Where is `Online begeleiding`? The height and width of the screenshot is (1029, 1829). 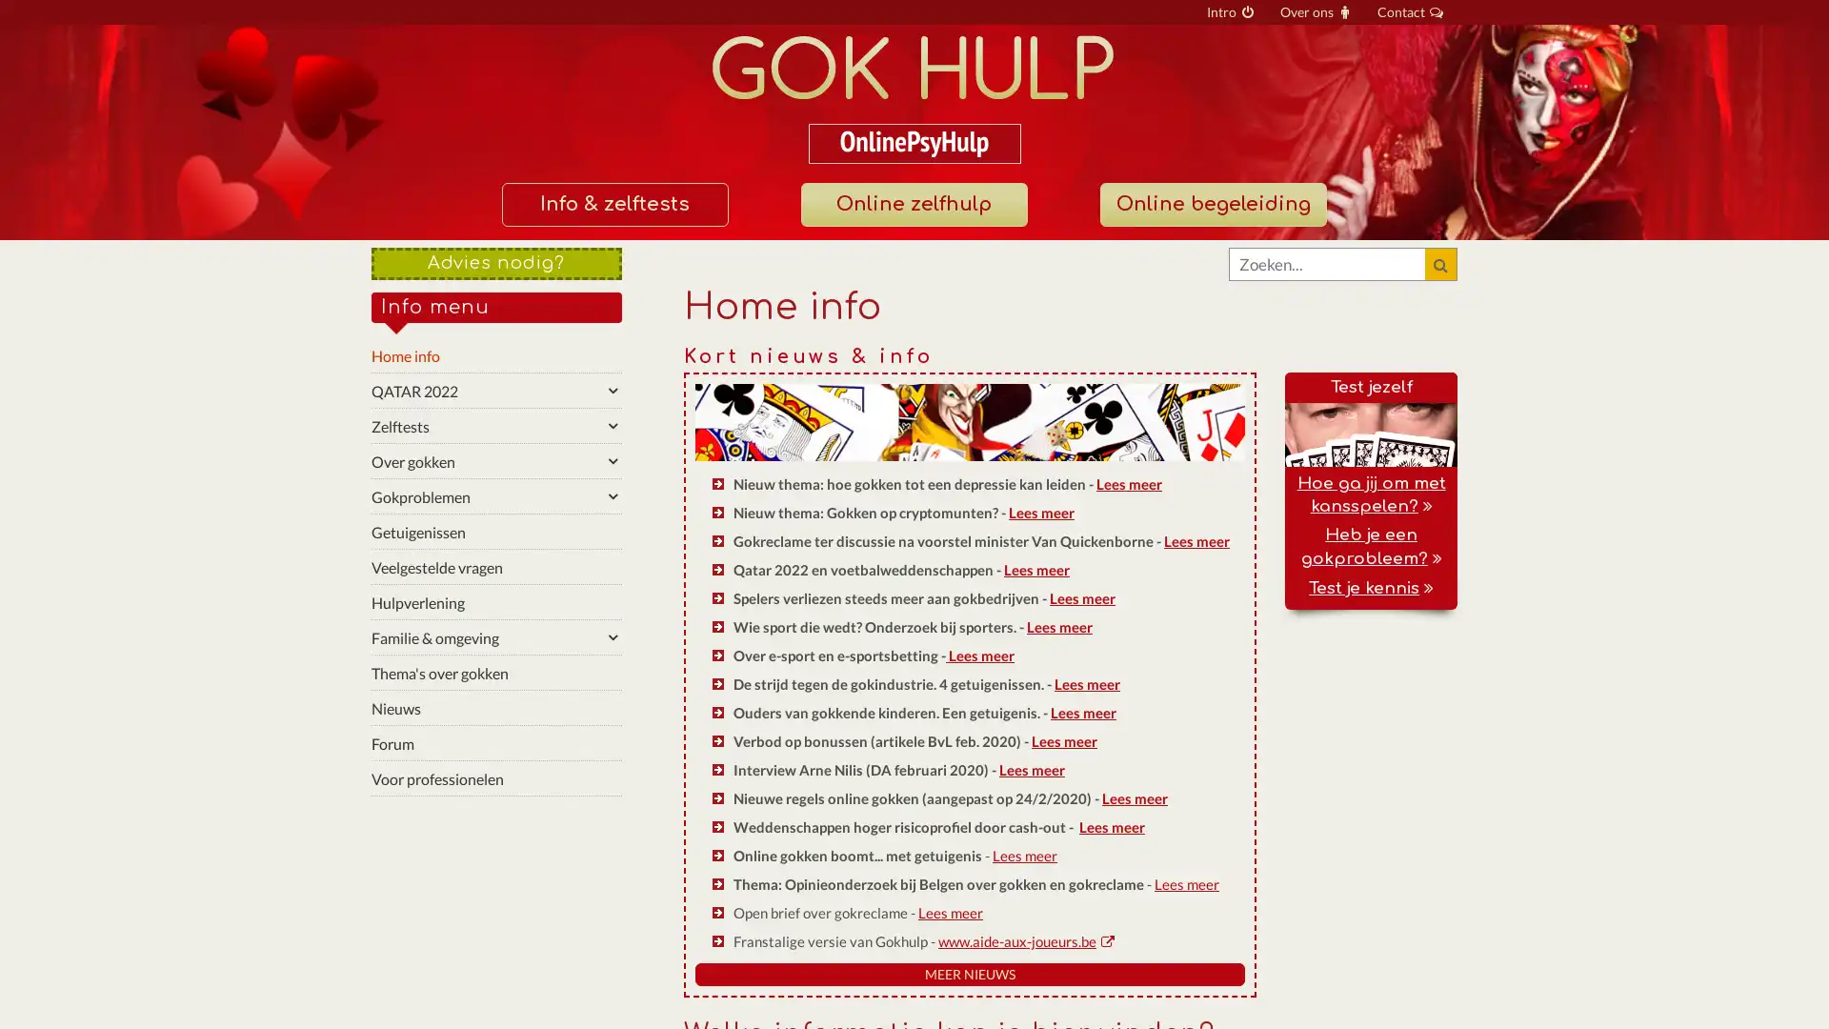 Online begeleiding is located at coordinates (1211, 205).